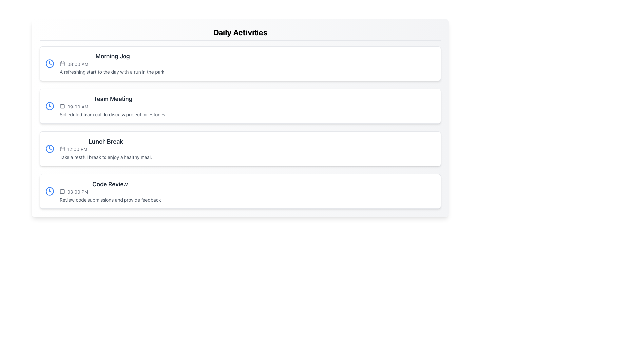  What do you see at coordinates (106, 149) in the screenshot?
I see `the third Informational card in the Daily Activities list, which displays the title, time, and description of a scheduled event, located between 'Team Meeting' and 'Code Review'` at bounding box center [106, 149].